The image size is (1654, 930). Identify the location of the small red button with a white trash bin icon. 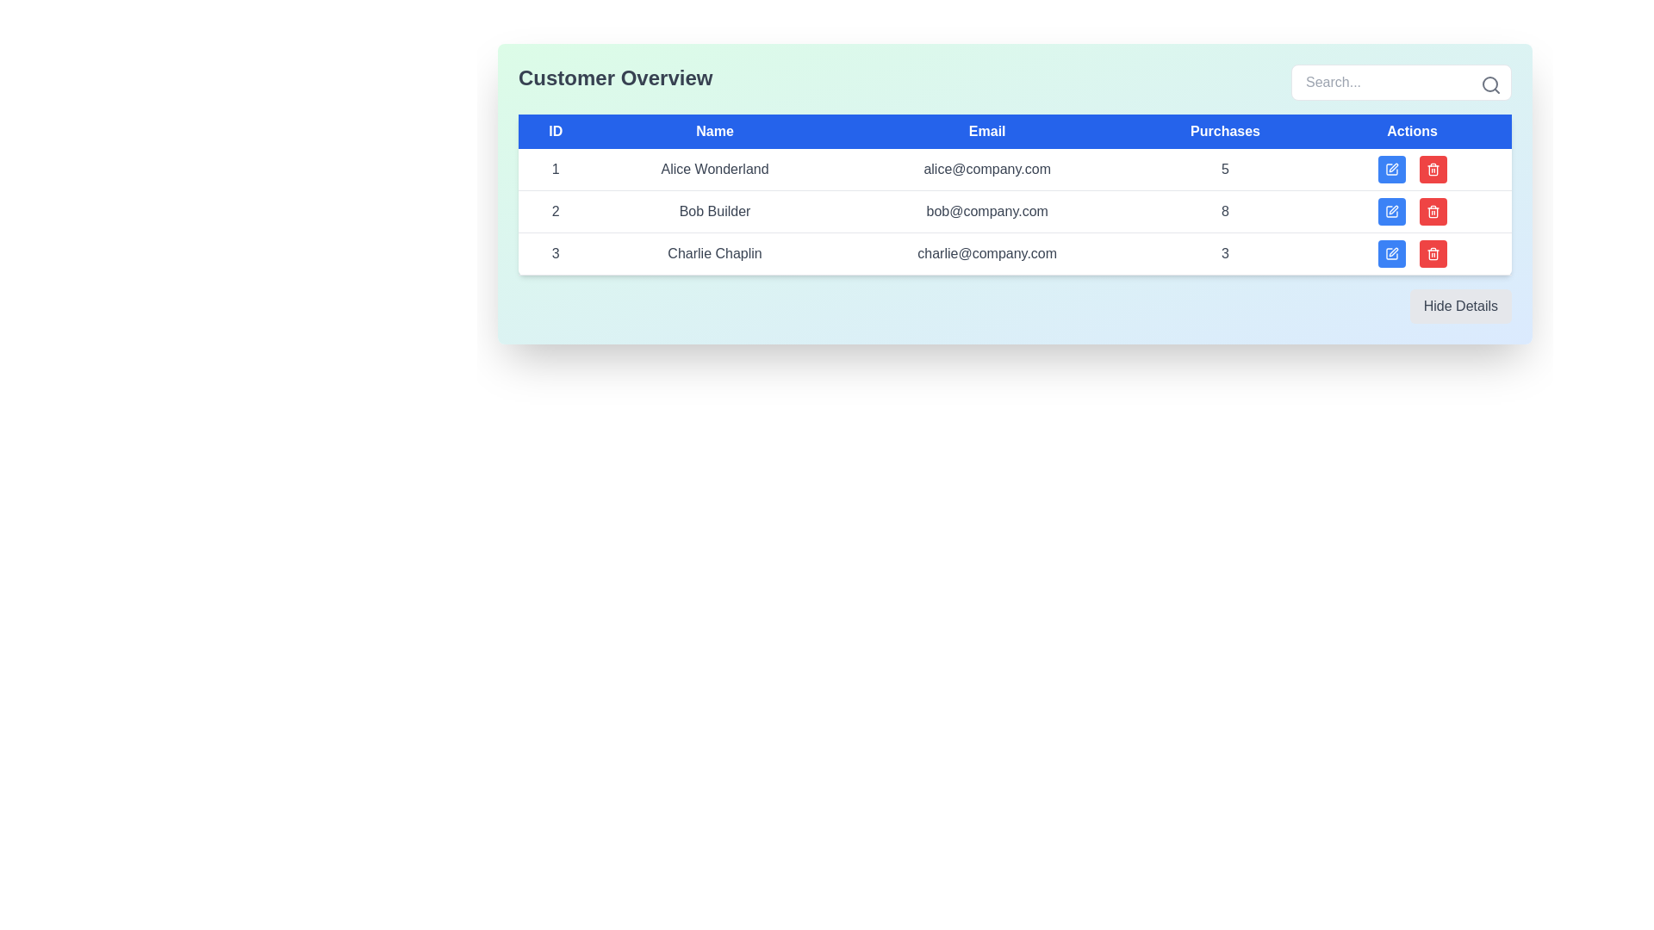
(1433, 253).